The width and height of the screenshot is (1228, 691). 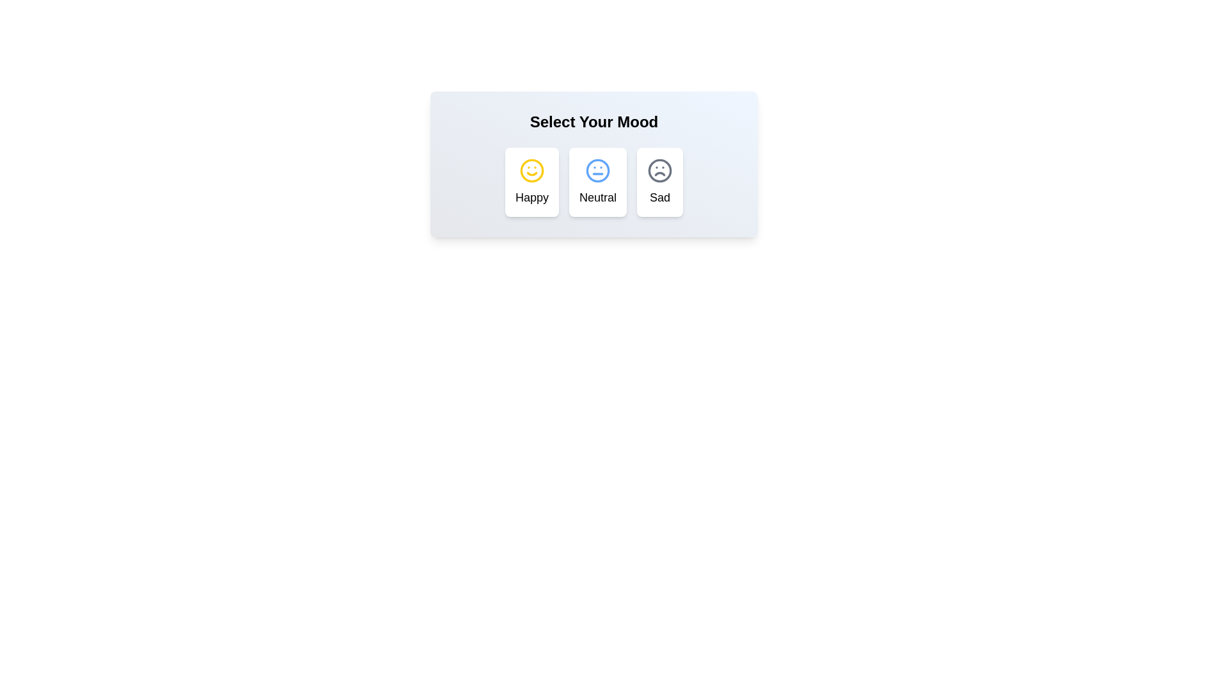 I want to click on the 'Sad' mood option to toggle its selection state, so click(x=660, y=182).